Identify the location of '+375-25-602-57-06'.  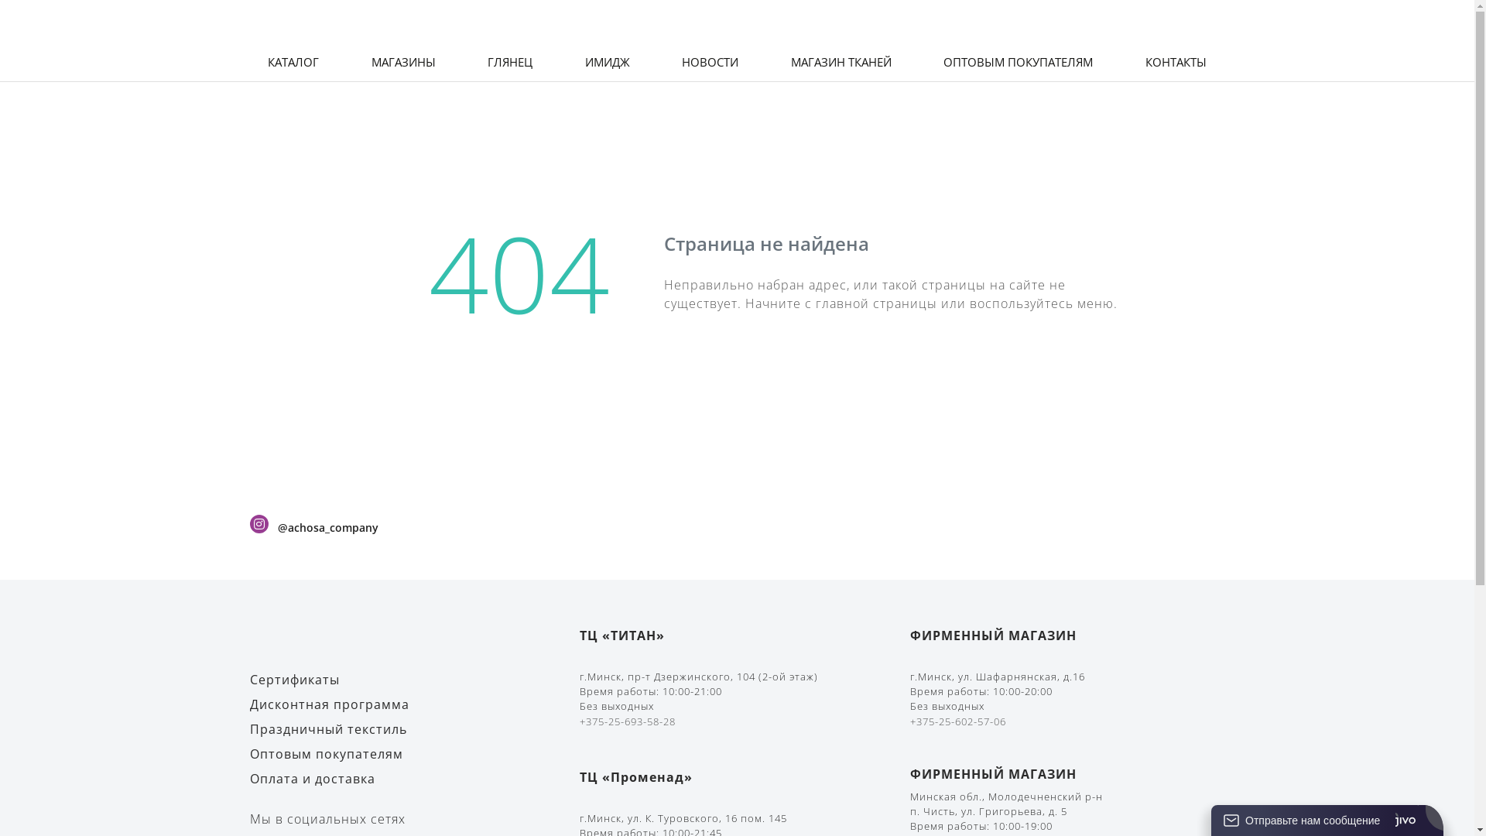
(957, 721).